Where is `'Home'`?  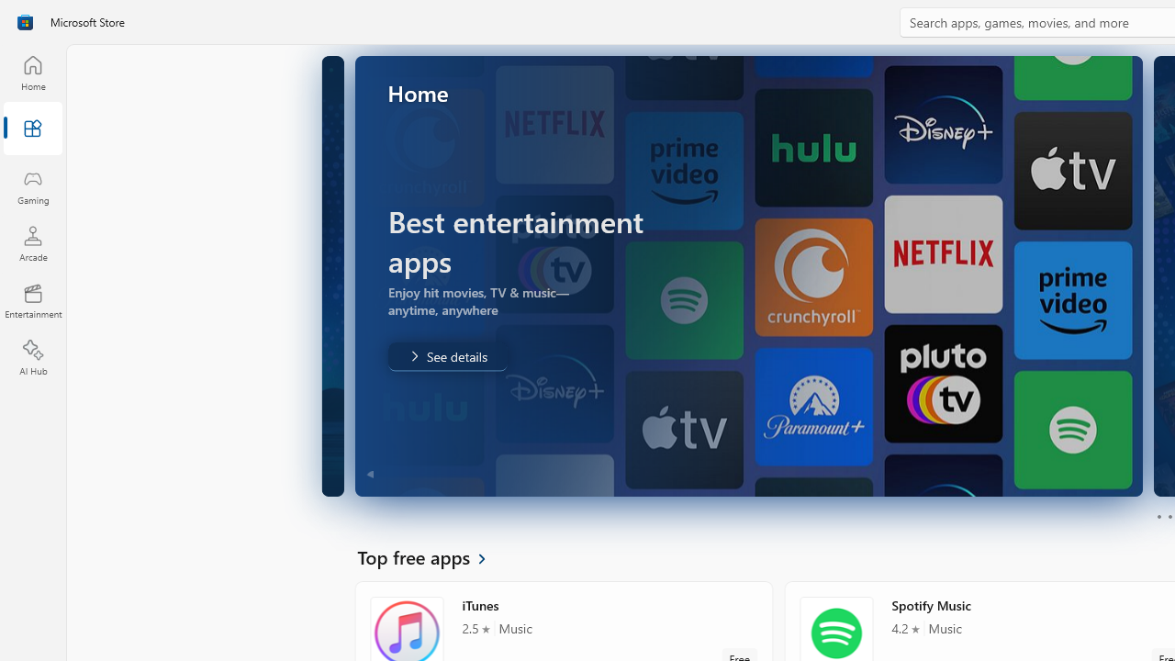
'Home' is located at coordinates (32, 72).